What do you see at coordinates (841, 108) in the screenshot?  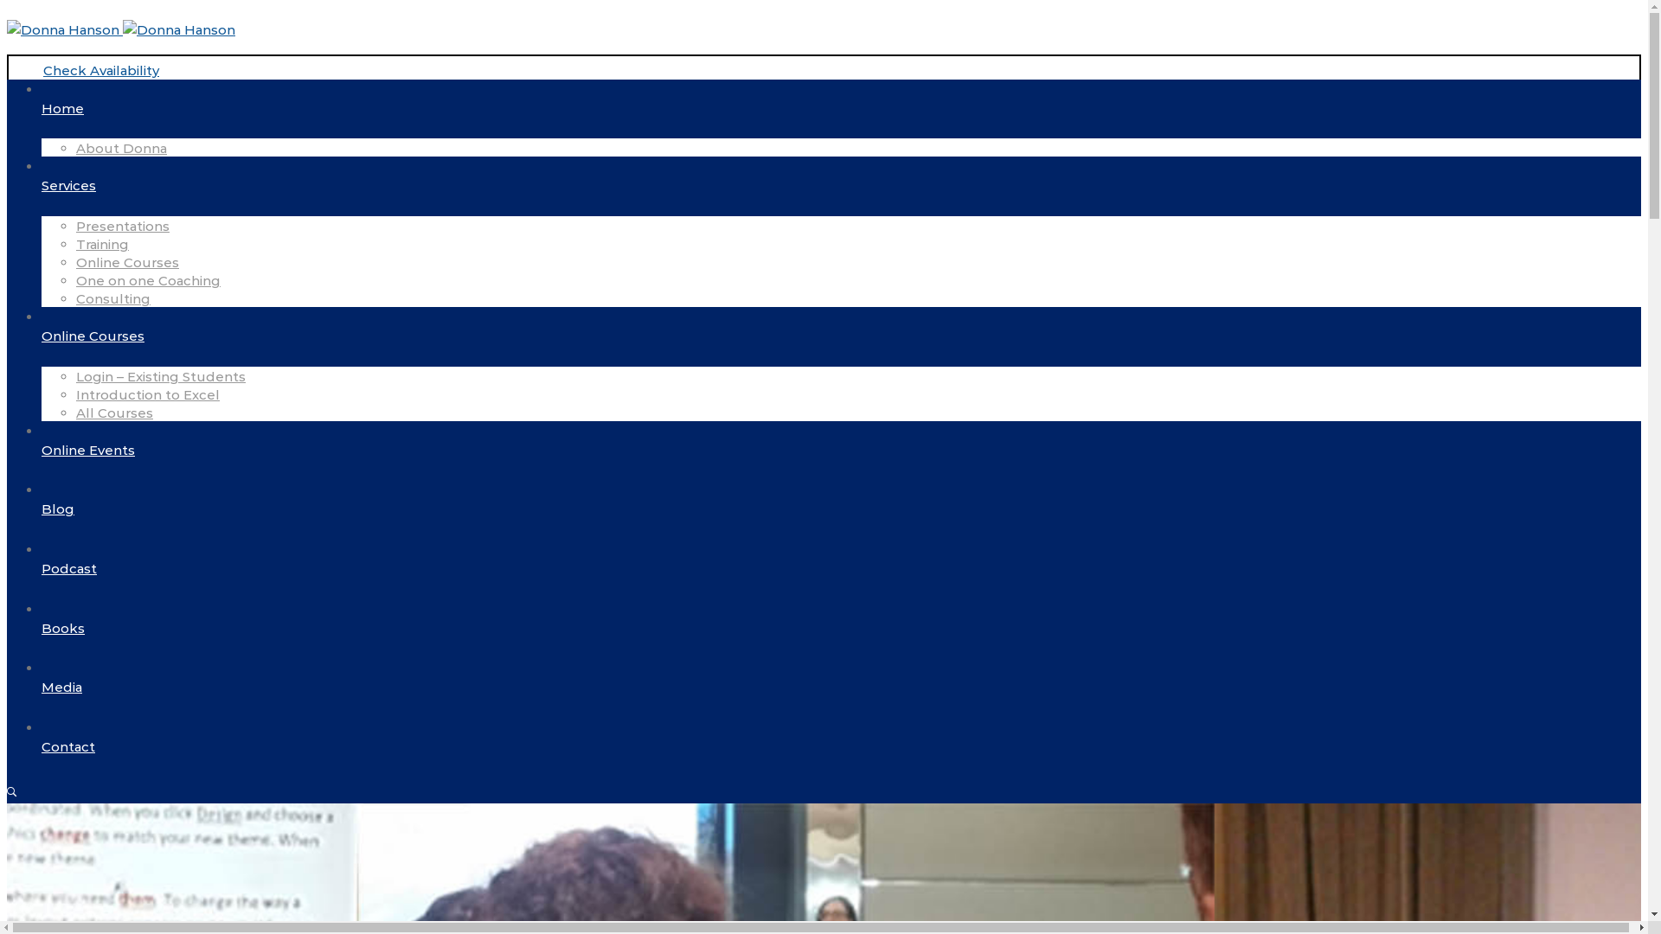 I see `'Home'` at bounding box center [841, 108].